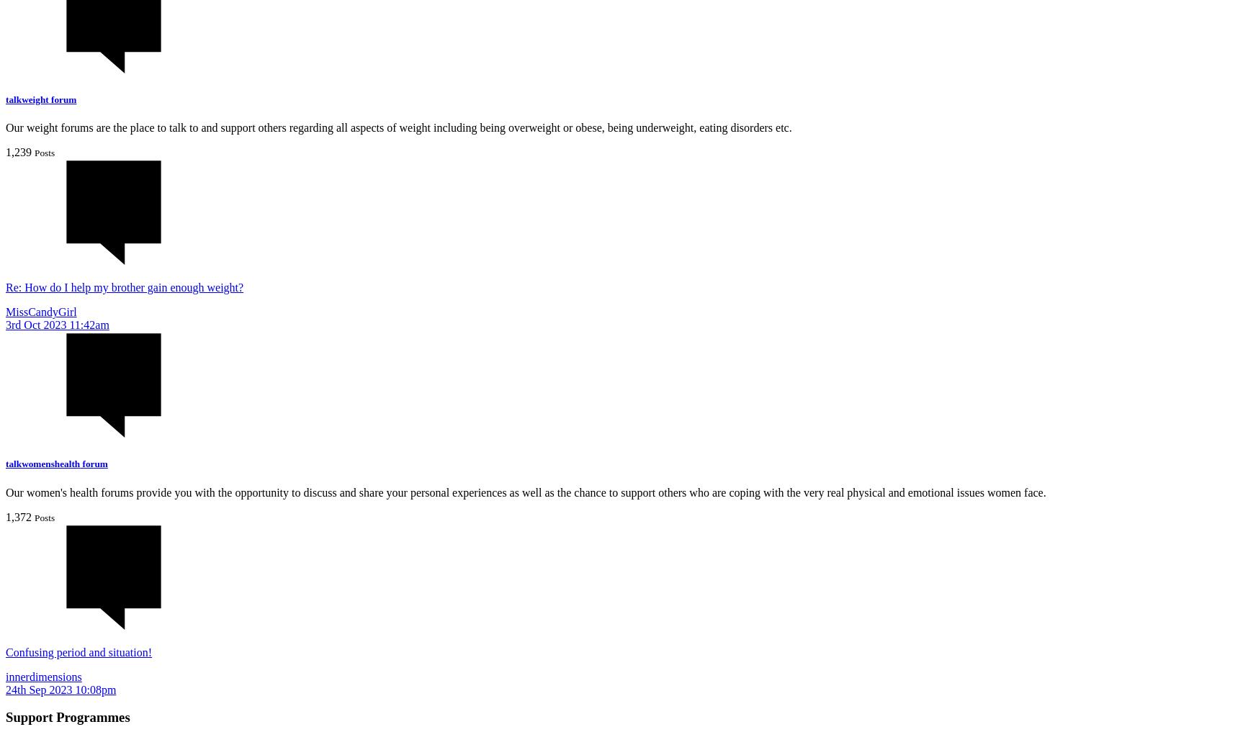  What do you see at coordinates (19, 515) in the screenshot?
I see `'1,372'` at bounding box center [19, 515].